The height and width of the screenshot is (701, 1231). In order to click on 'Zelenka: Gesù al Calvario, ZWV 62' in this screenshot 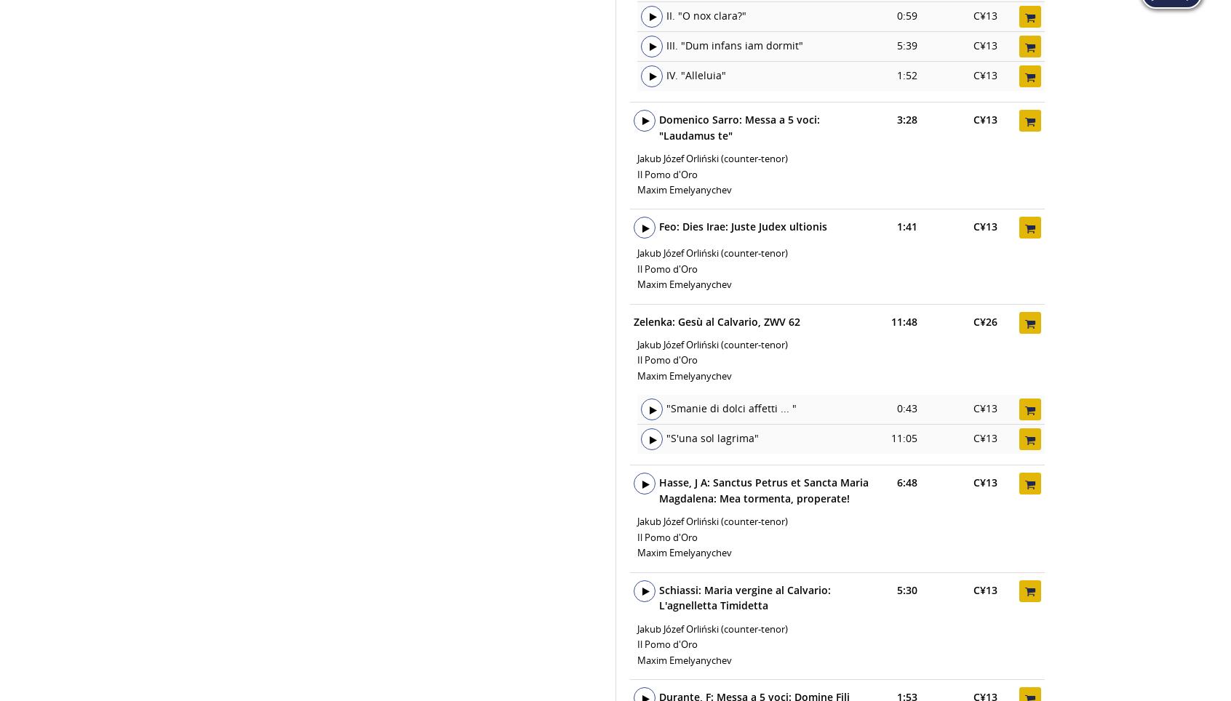, I will do `click(717, 320)`.